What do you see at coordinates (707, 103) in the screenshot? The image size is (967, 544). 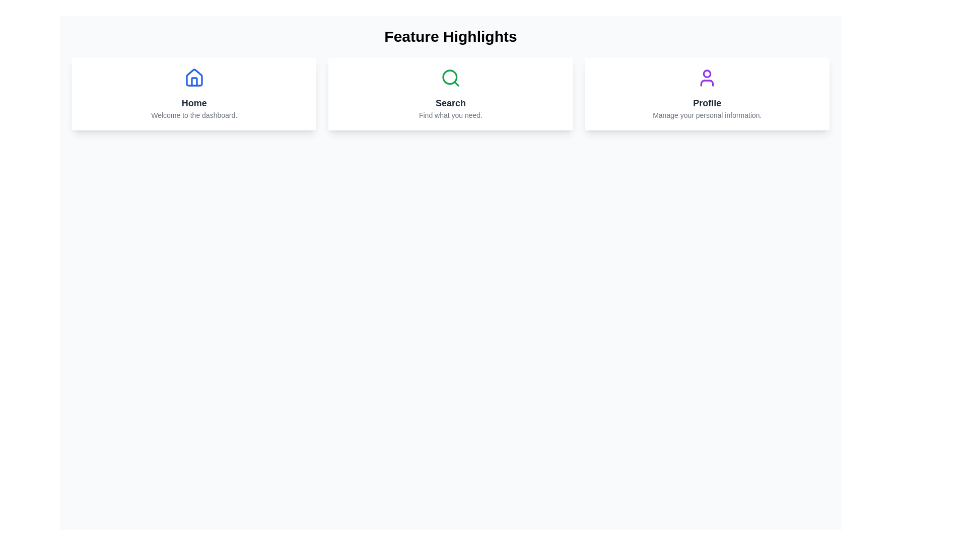 I see `the header-style text label located at the top center of the white card, which is positioned below the icon and above the descriptive text` at bounding box center [707, 103].